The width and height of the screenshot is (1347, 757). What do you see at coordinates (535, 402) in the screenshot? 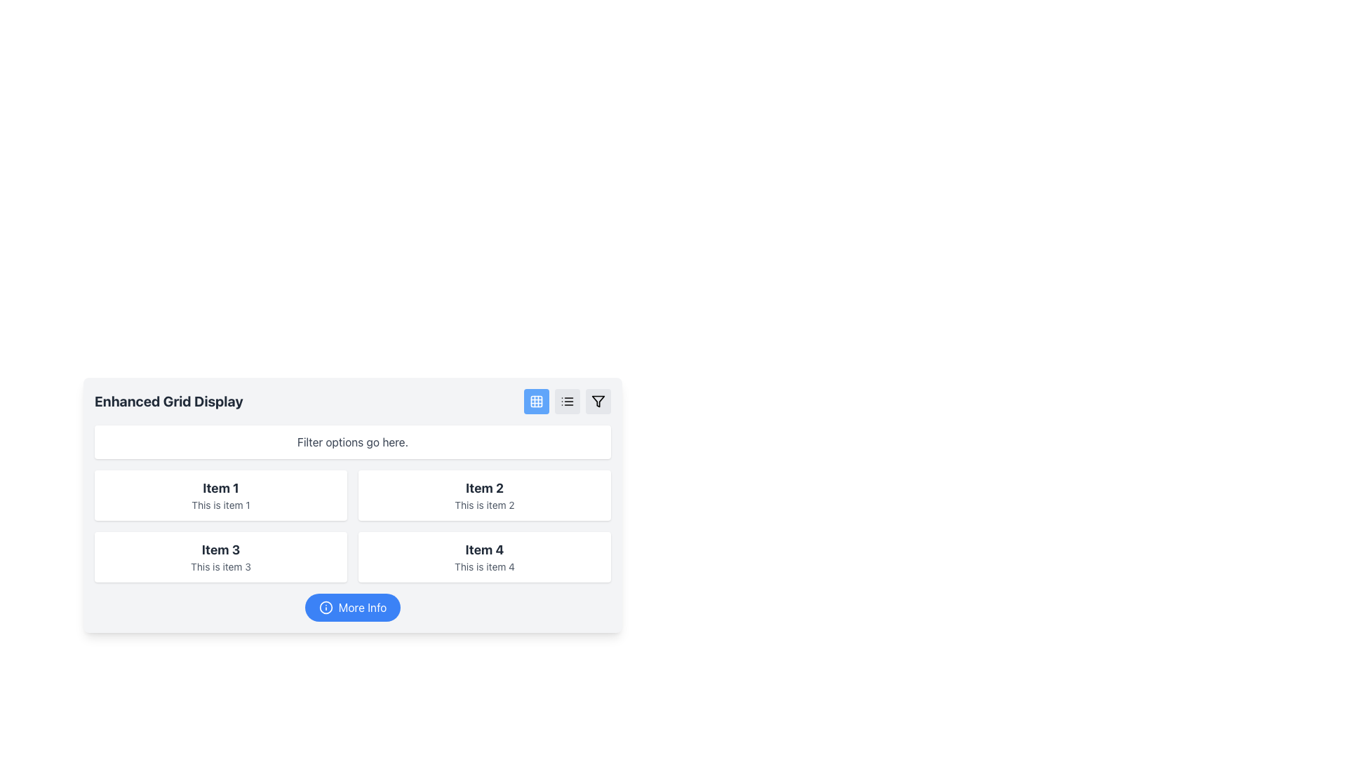
I see `the decorative shape component located at the center cell of the grid icon in the top-right corner of the interface, which is adjacent to the list and filter icons` at bounding box center [535, 402].